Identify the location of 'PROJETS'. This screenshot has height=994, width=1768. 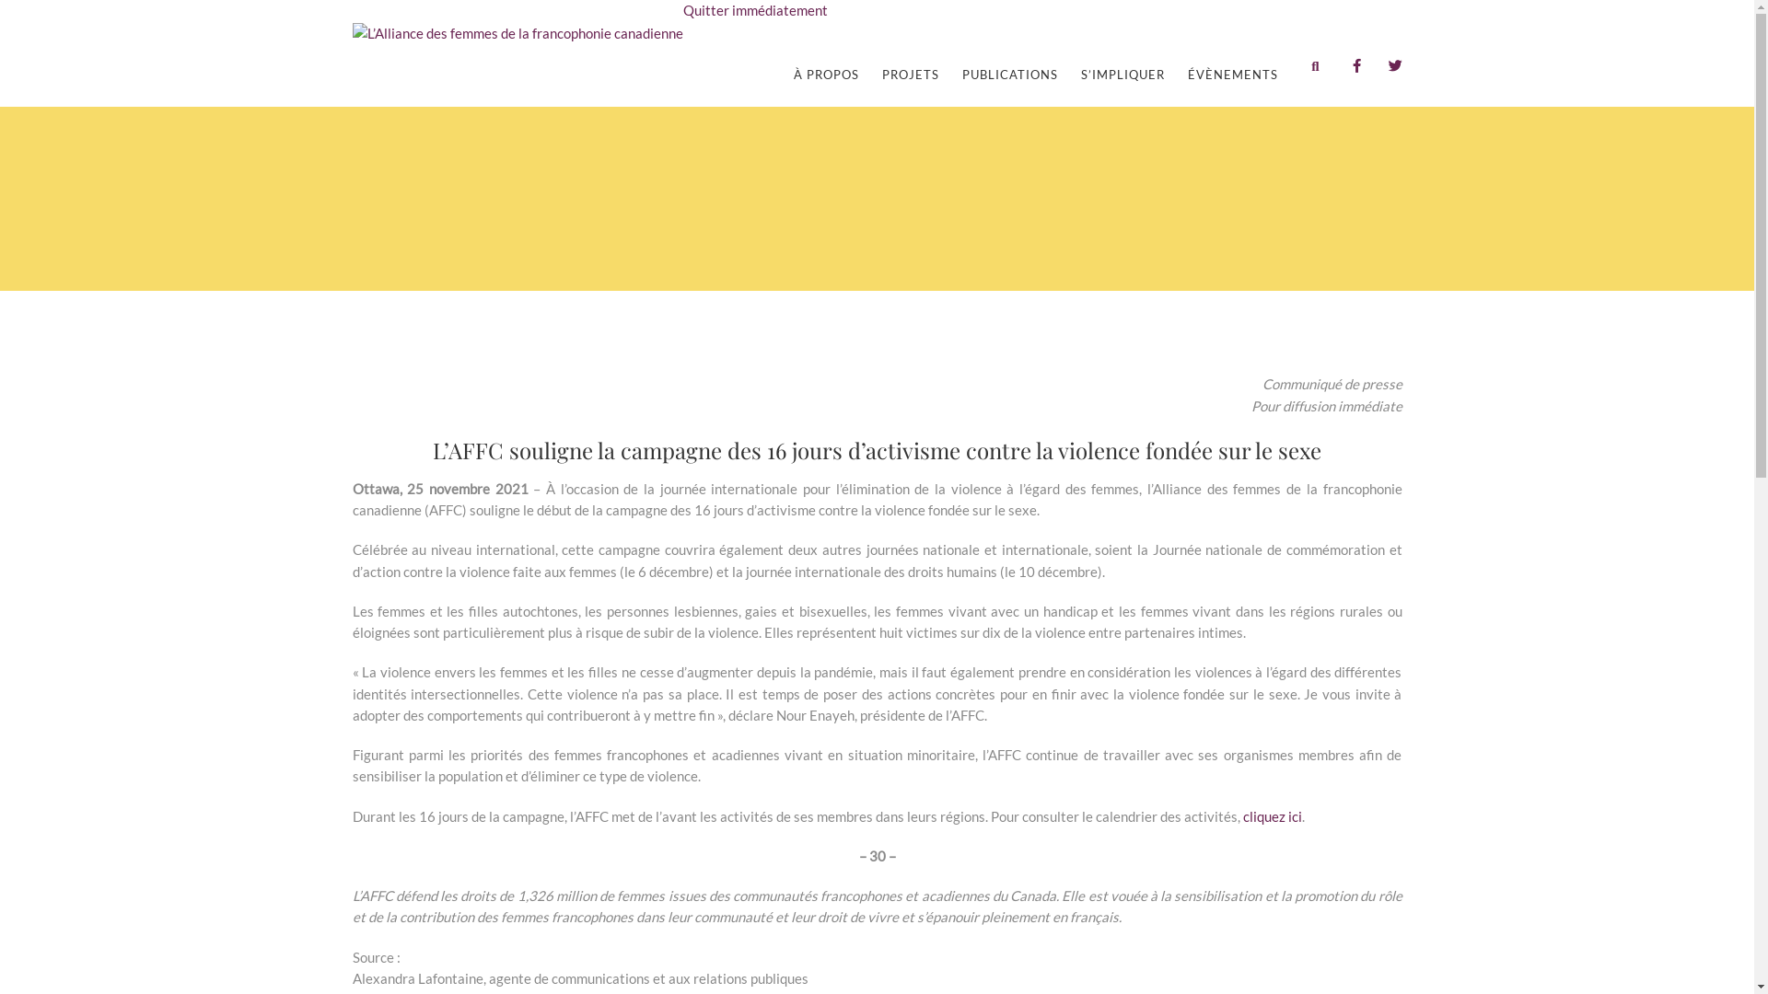
(910, 74).